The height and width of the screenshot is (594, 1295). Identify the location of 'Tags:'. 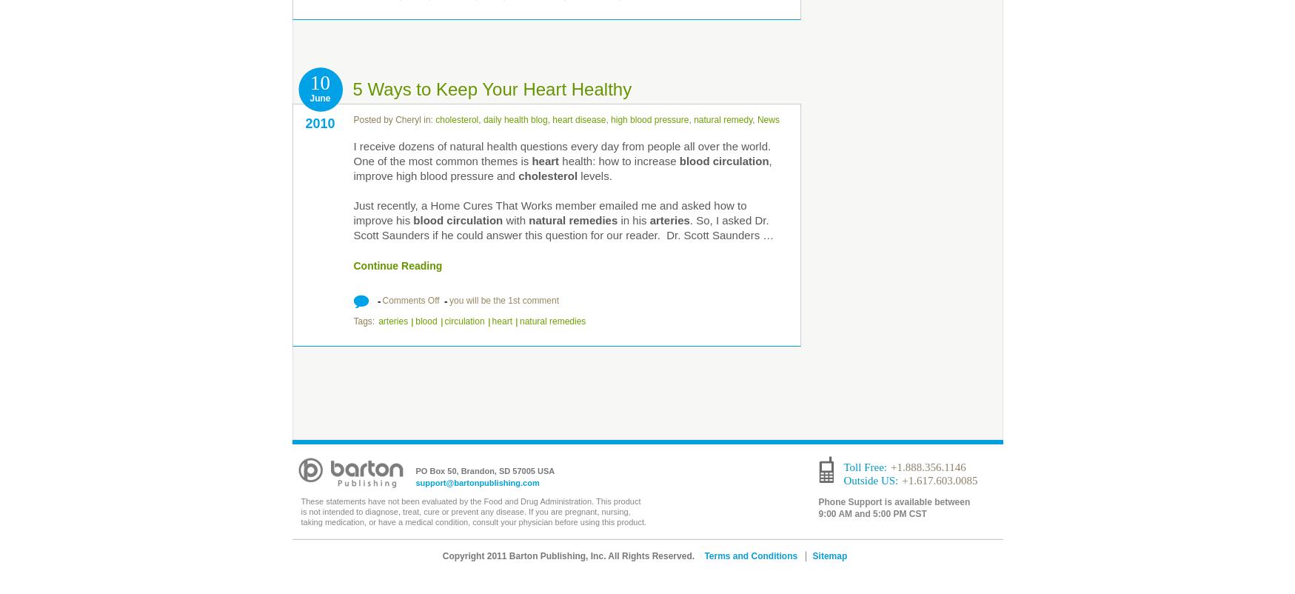
(364, 321).